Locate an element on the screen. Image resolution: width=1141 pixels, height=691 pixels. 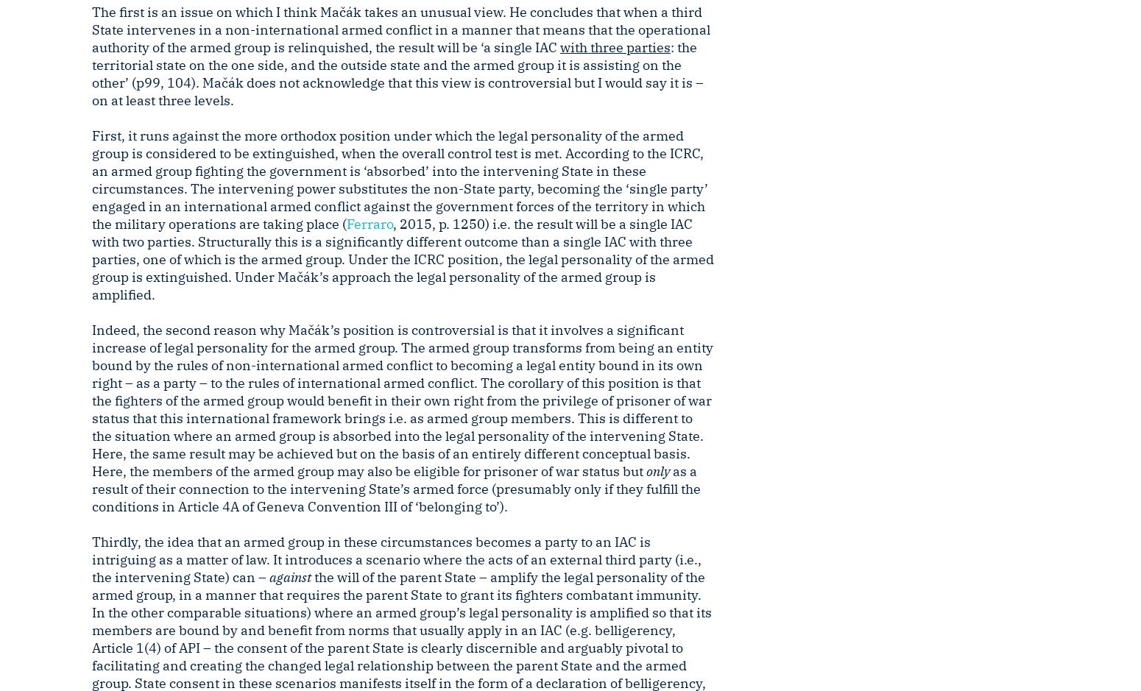
'The first is an issue on which I think Mačák takes an unusual view. He concludes that when a third State intervenes in a non-international armed conflict in a manner that means that the operational authority of the armed group is relinquished, the result will be ‘a single IAC' is located at coordinates (400, 29).